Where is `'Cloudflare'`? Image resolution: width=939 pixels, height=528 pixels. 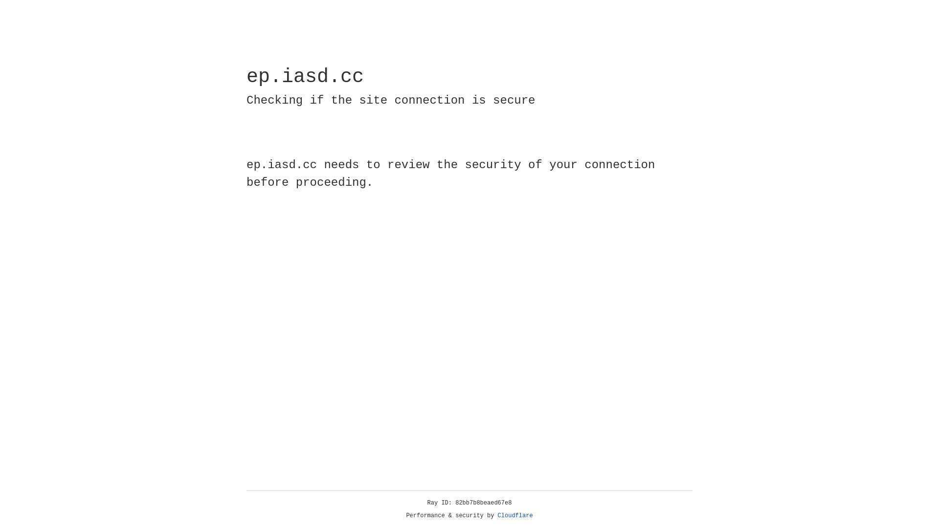 'Cloudflare' is located at coordinates (515, 515).